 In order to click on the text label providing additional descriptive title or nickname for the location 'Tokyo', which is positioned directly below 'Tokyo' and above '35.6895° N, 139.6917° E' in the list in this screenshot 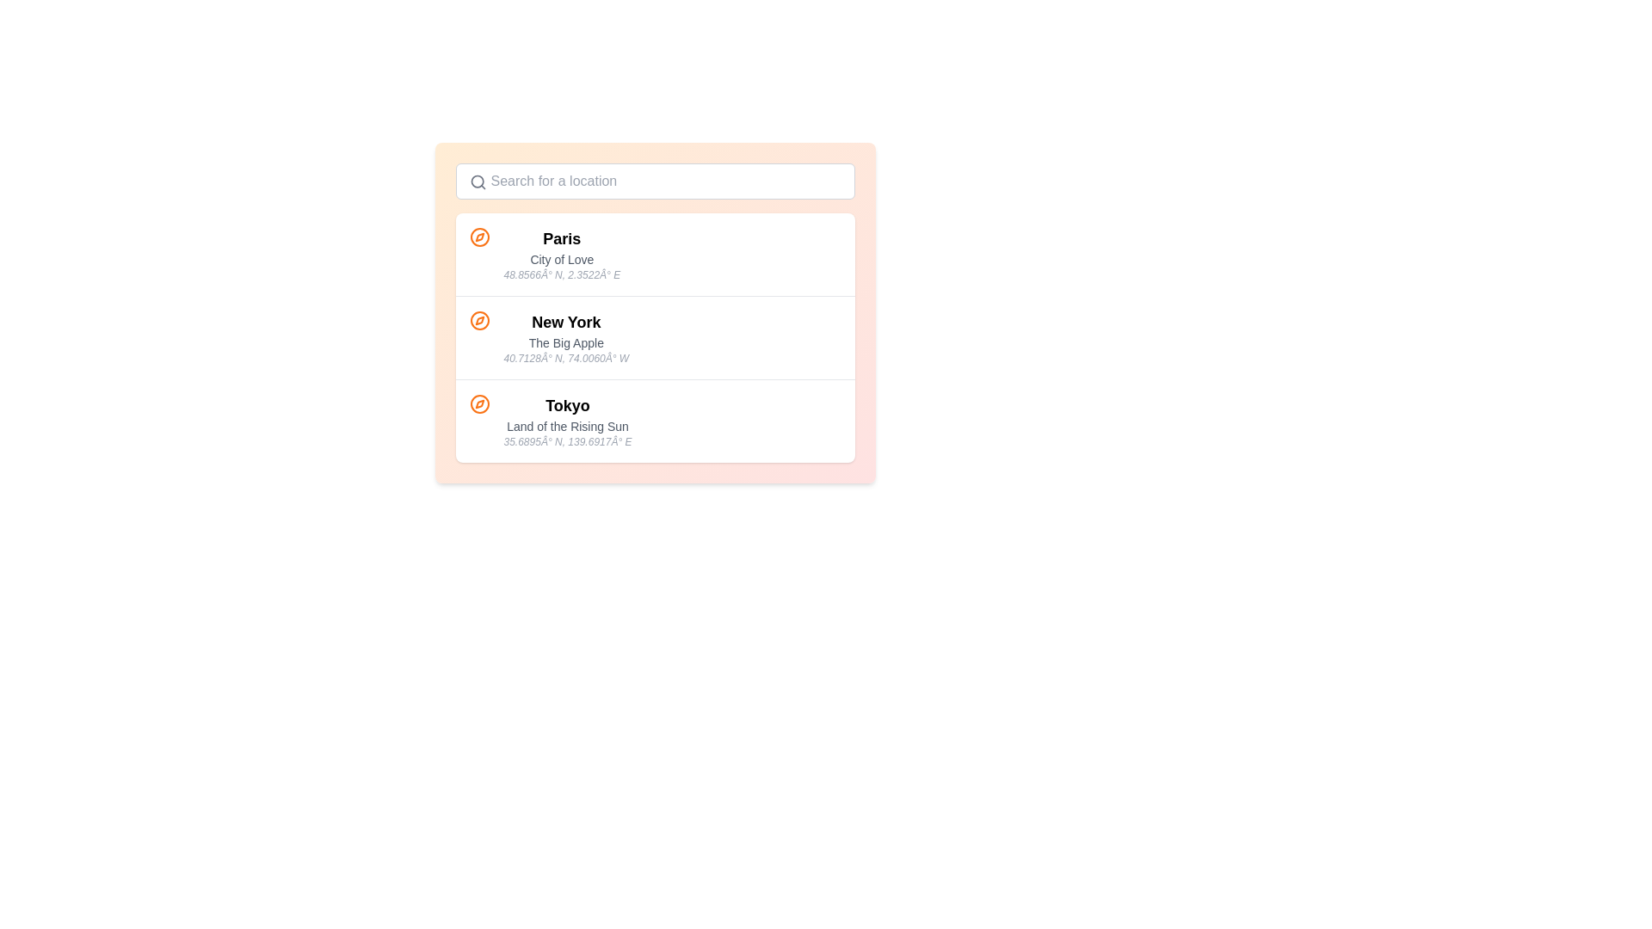, I will do `click(568, 426)`.